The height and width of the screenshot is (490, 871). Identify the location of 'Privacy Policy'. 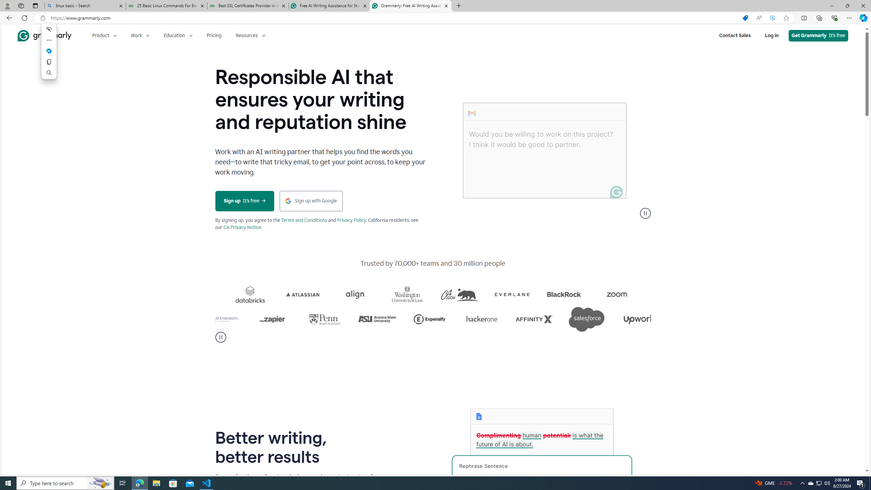
(351, 220).